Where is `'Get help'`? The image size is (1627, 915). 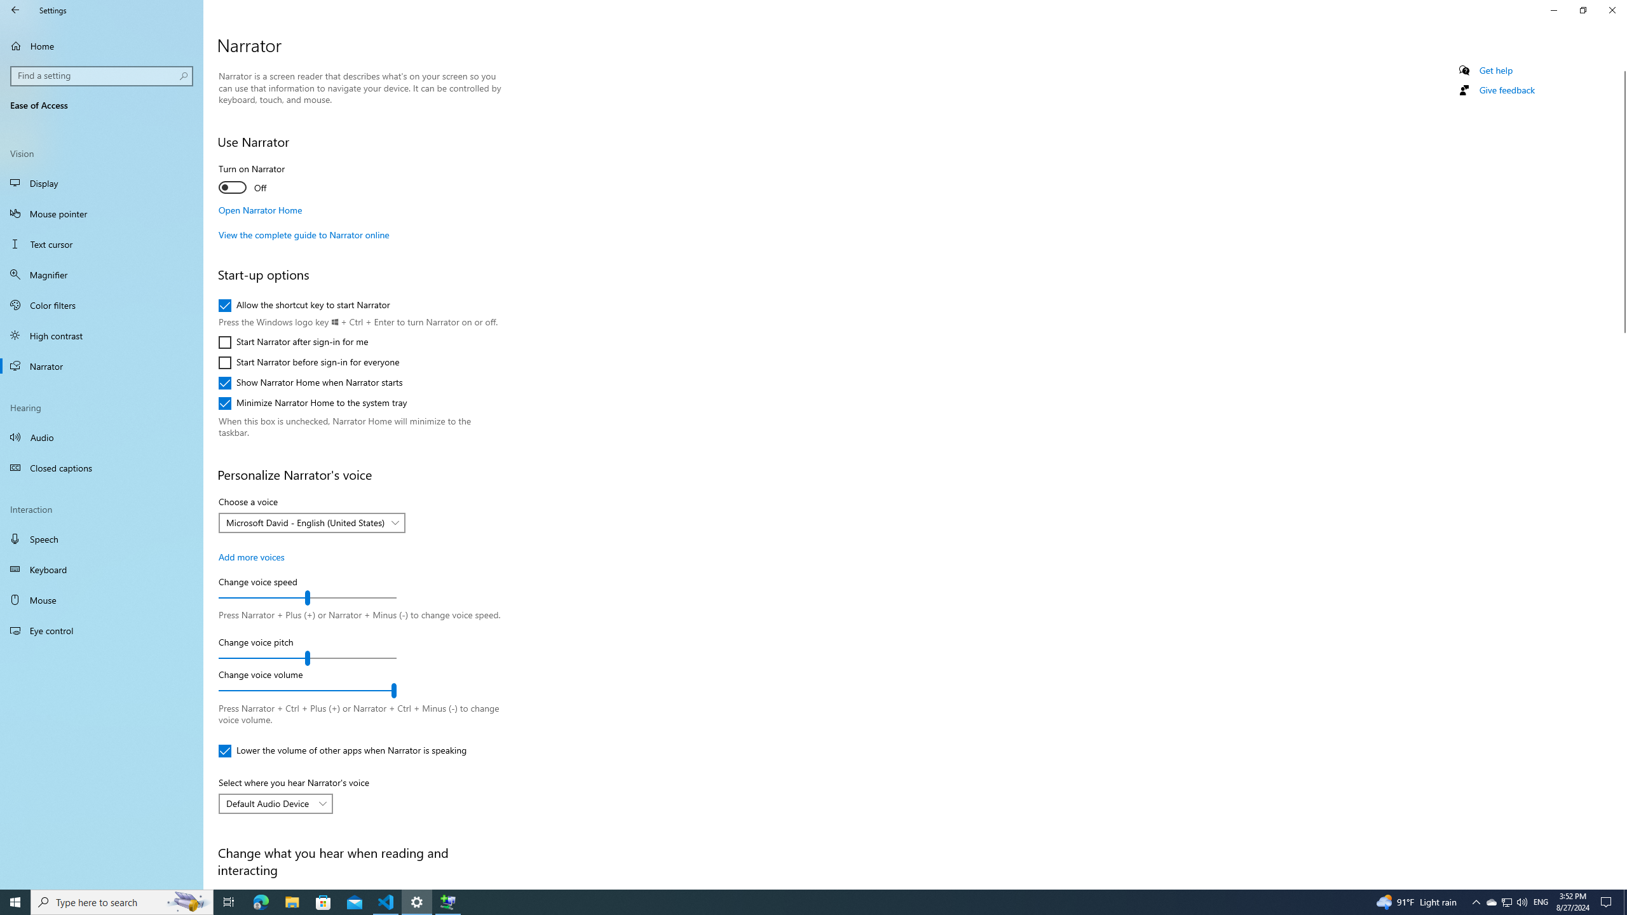
'Get help' is located at coordinates (1495, 70).